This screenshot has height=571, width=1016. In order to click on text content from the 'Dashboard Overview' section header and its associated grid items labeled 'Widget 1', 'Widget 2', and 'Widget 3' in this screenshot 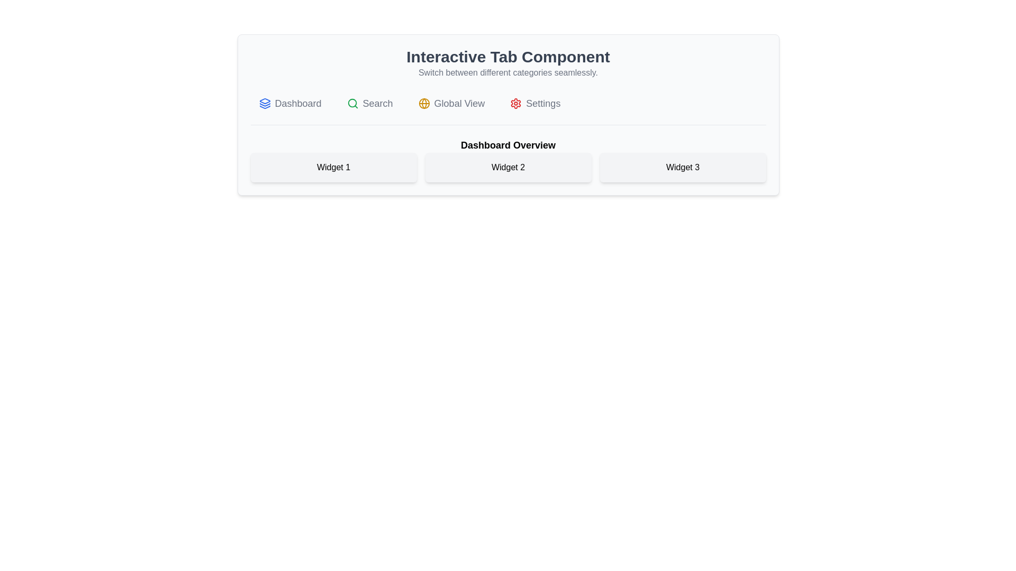, I will do `click(508, 160)`.